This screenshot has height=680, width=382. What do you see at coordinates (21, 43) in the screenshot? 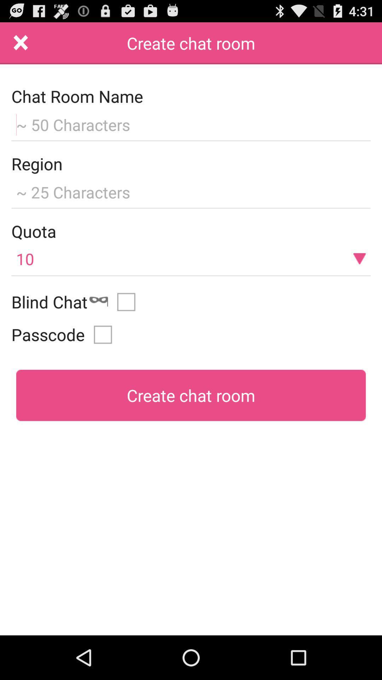
I see `the app next to the create chat room app` at bounding box center [21, 43].